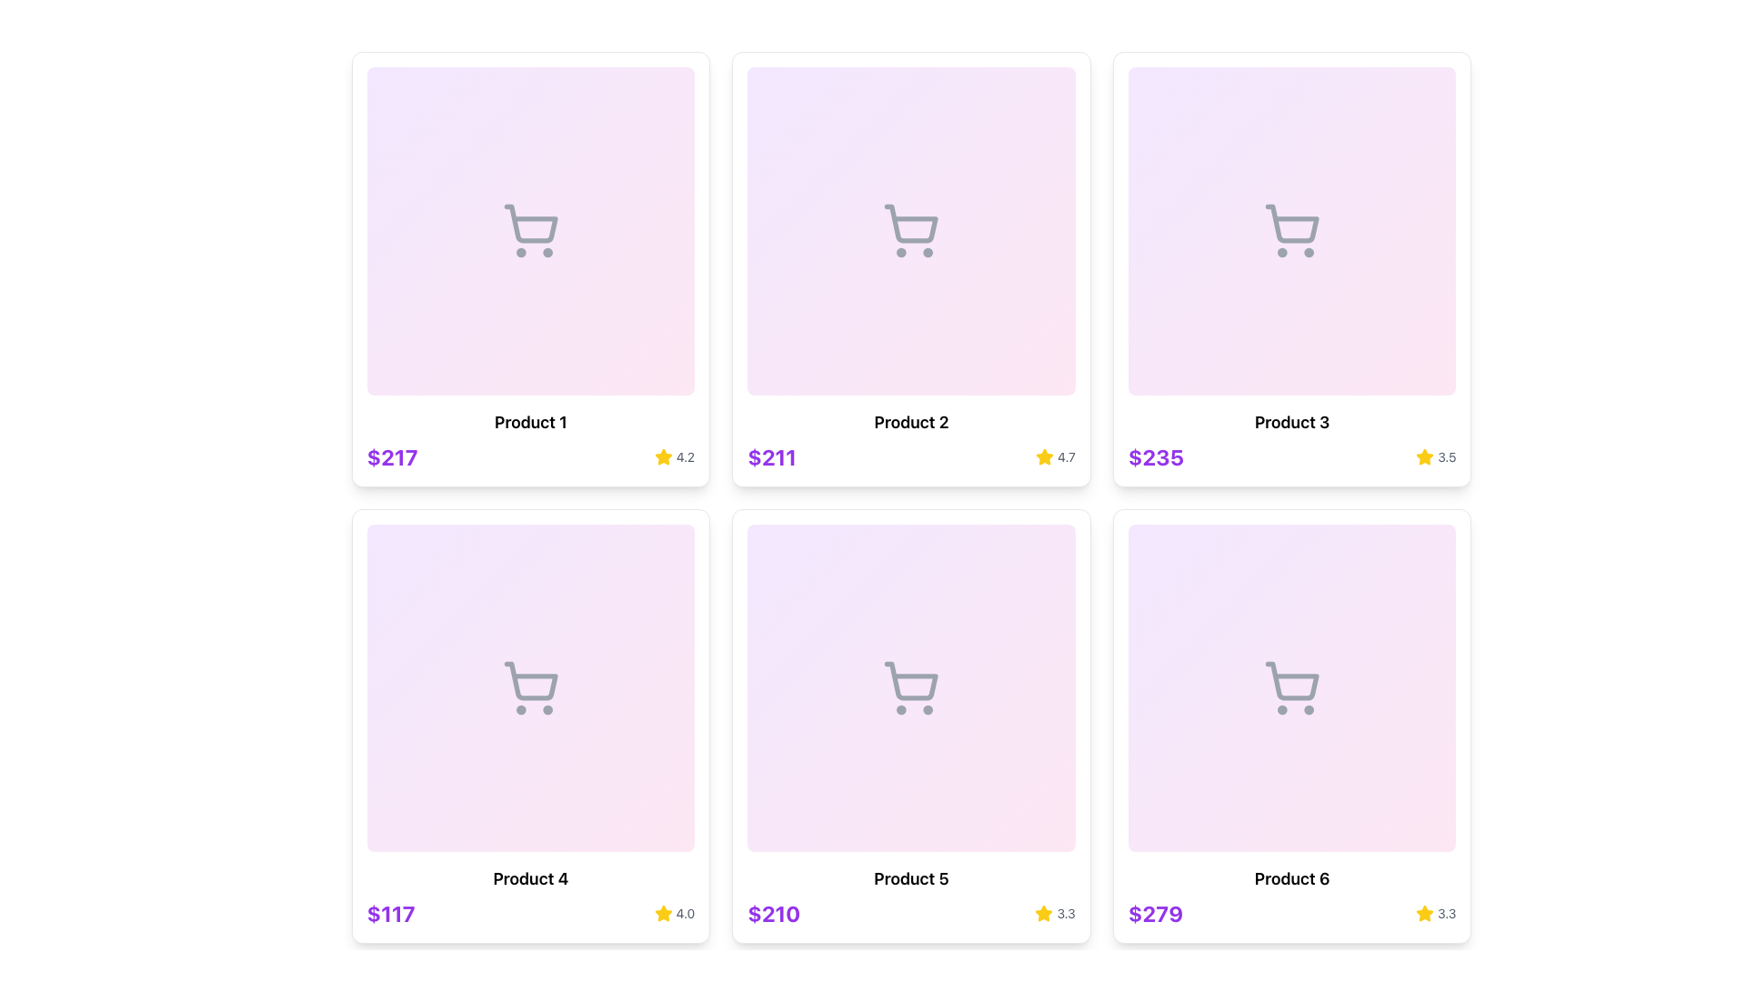 The height and width of the screenshot is (982, 1746). I want to click on the rating display element that visually represents a rating value of 4.2, located at the bottom-right of the first card in the grid layout, to the right of the price label '$217', so click(673, 456).